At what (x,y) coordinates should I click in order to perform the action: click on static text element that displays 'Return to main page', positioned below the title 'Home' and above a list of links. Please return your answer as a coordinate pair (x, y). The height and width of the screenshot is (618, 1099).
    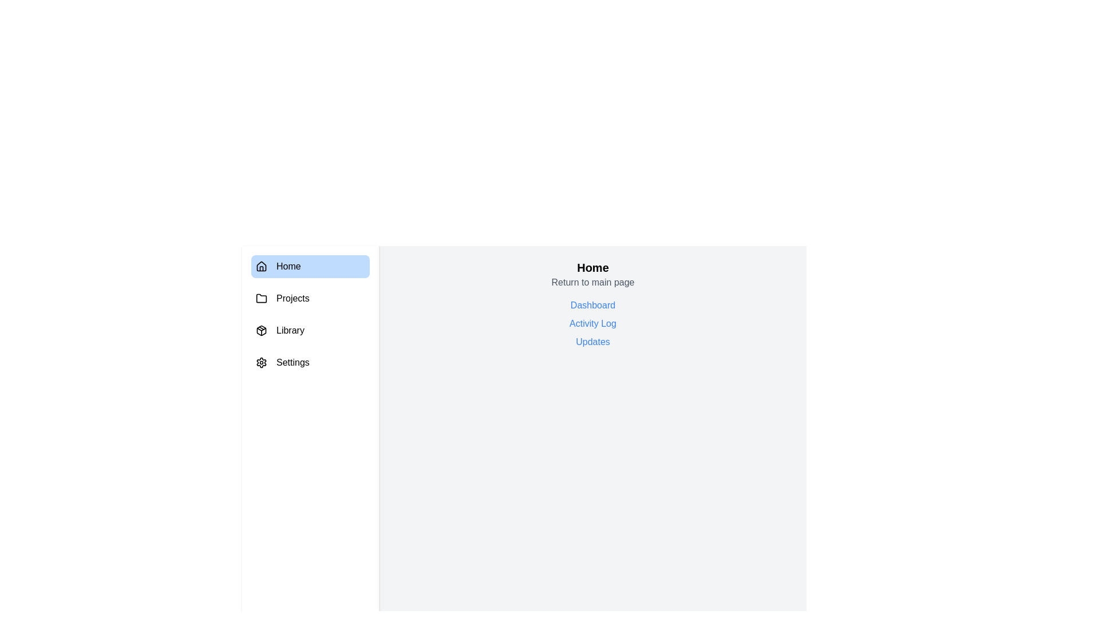
    Looking at the image, I should click on (593, 282).